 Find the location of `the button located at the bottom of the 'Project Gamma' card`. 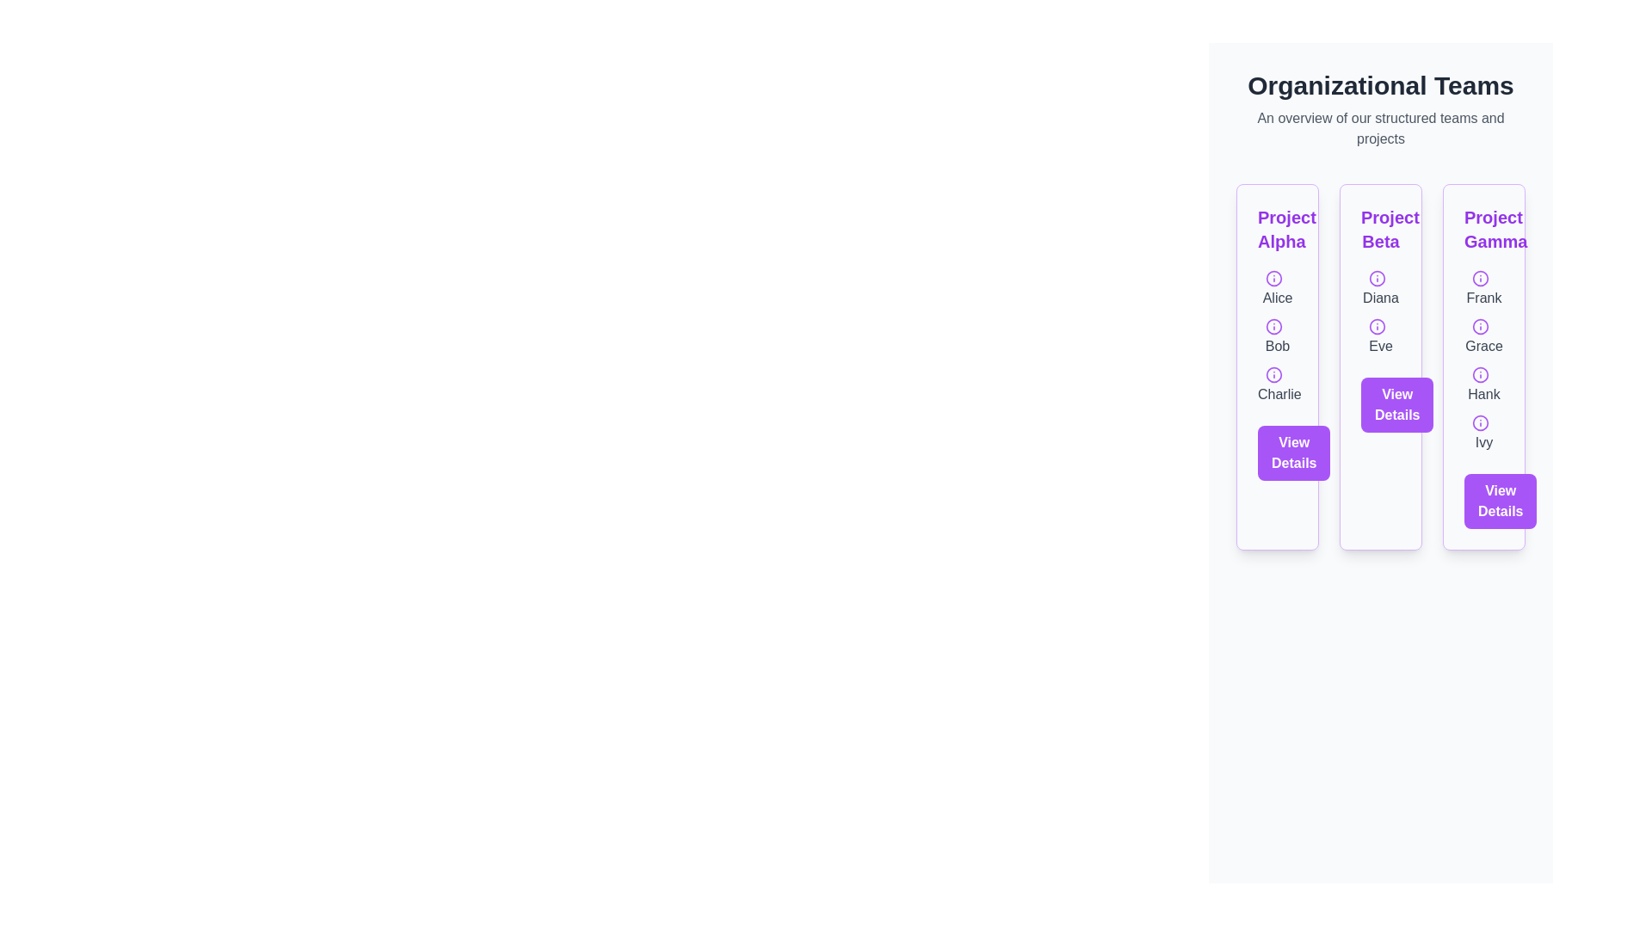

the button located at the bottom of the 'Project Gamma' card is located at coordinates (1499, 501).